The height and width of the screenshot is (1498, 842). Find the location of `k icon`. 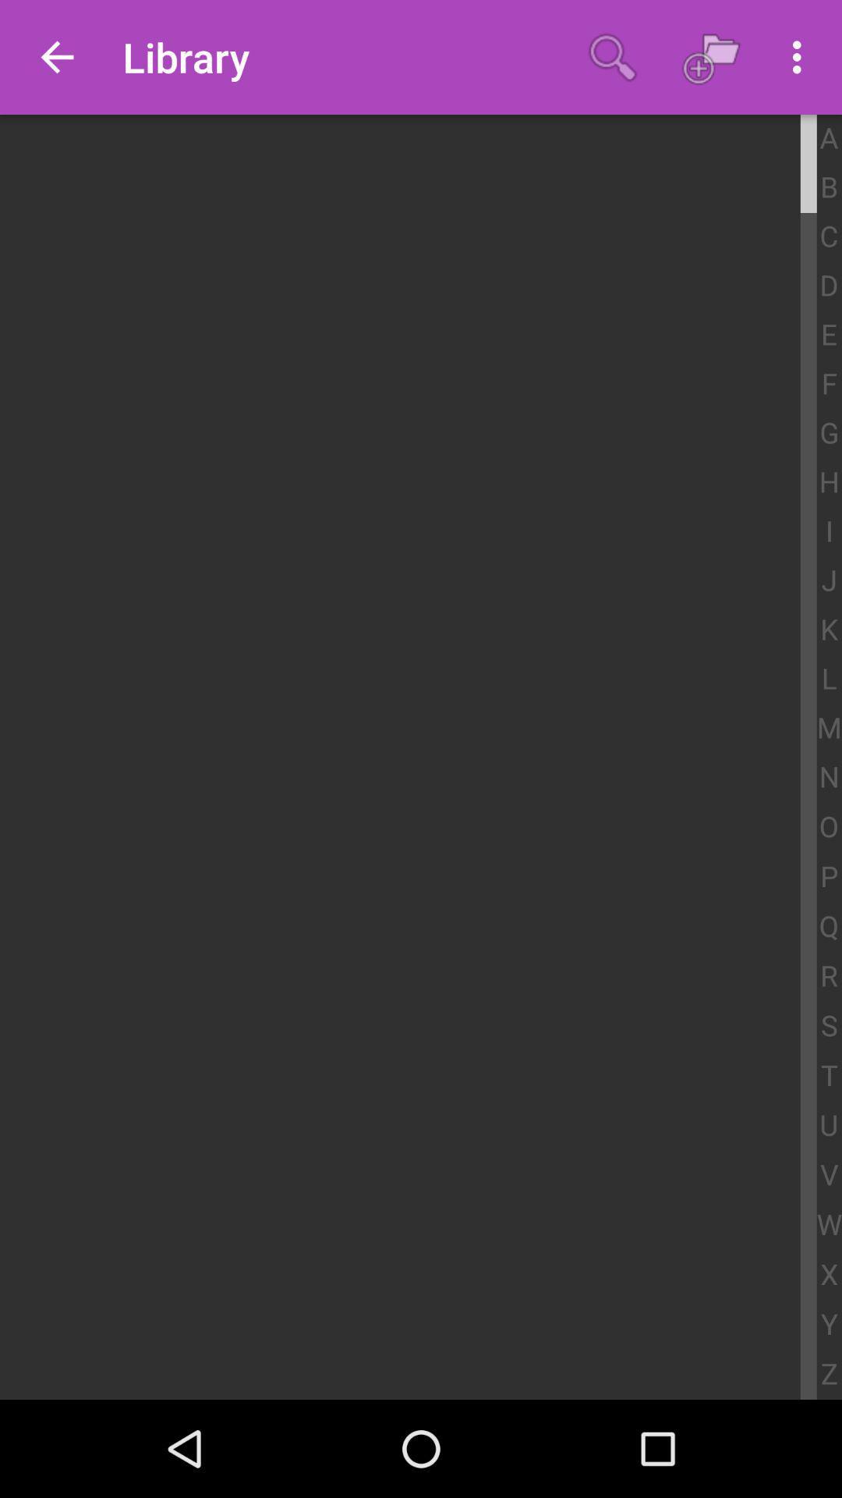

k icon is located at coordinates (828, 630).